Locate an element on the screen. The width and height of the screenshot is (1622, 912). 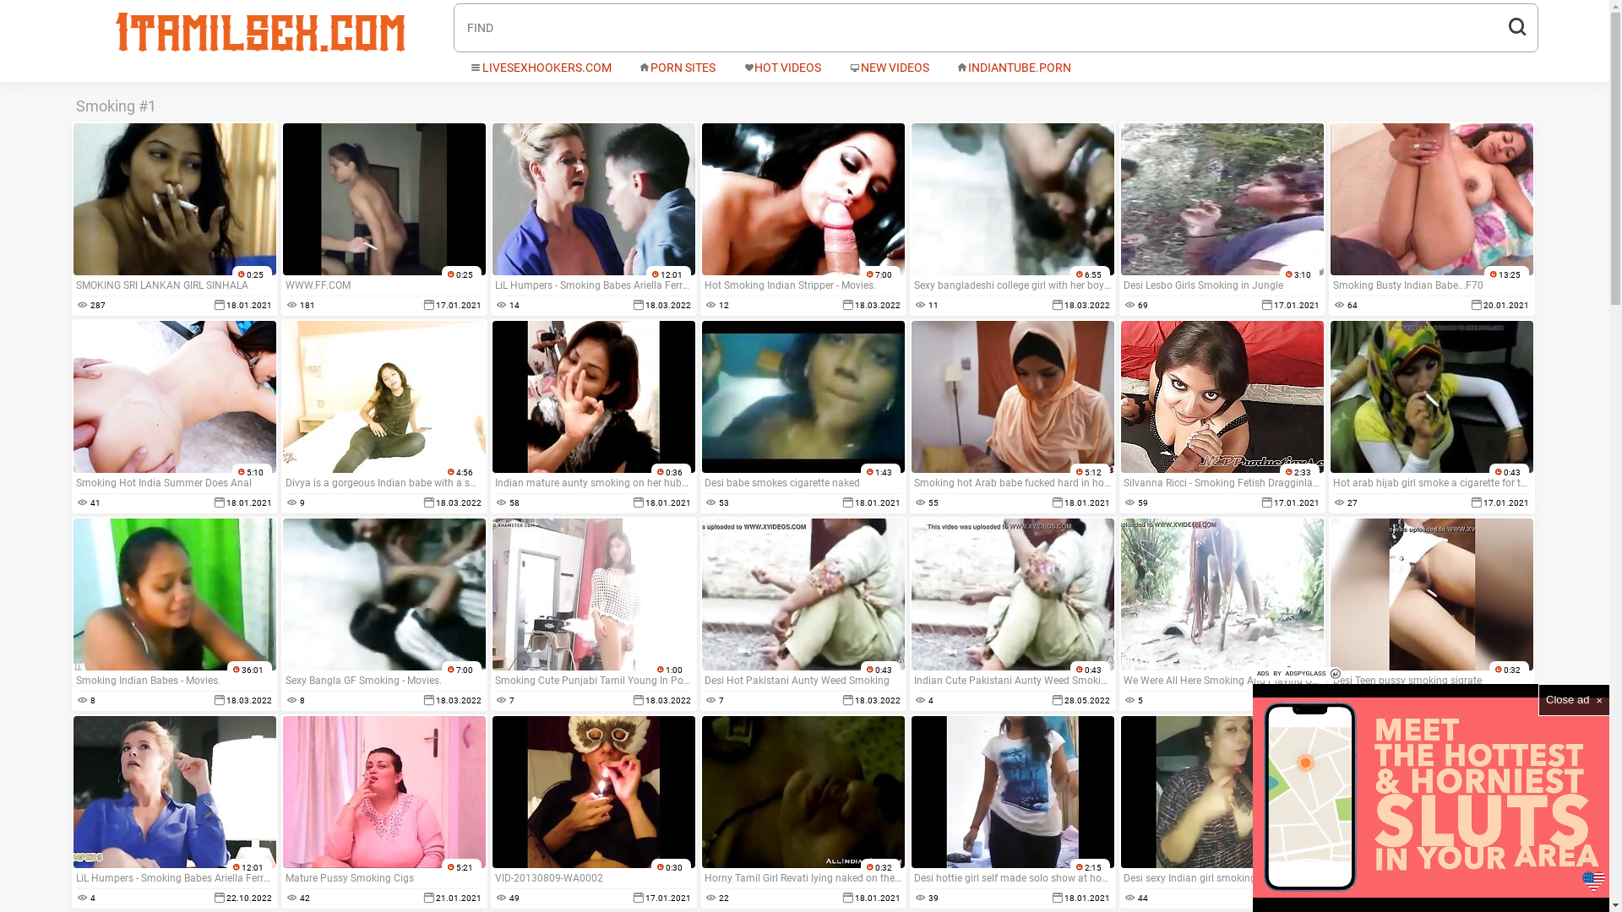
'0:32 is located at coordinates (1430, 613).